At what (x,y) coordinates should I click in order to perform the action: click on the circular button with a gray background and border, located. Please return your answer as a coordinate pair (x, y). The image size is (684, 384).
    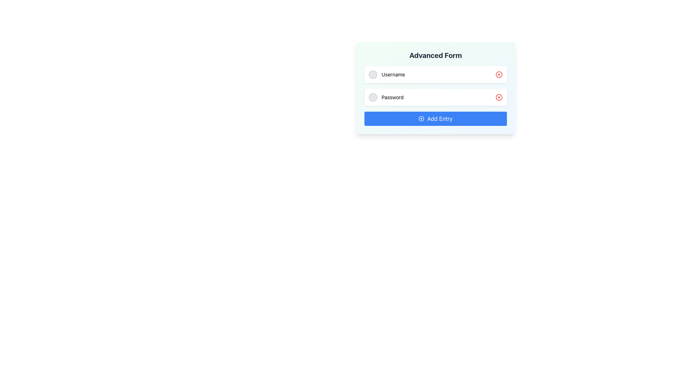
    Looking at the image, I should click on (372, 97).